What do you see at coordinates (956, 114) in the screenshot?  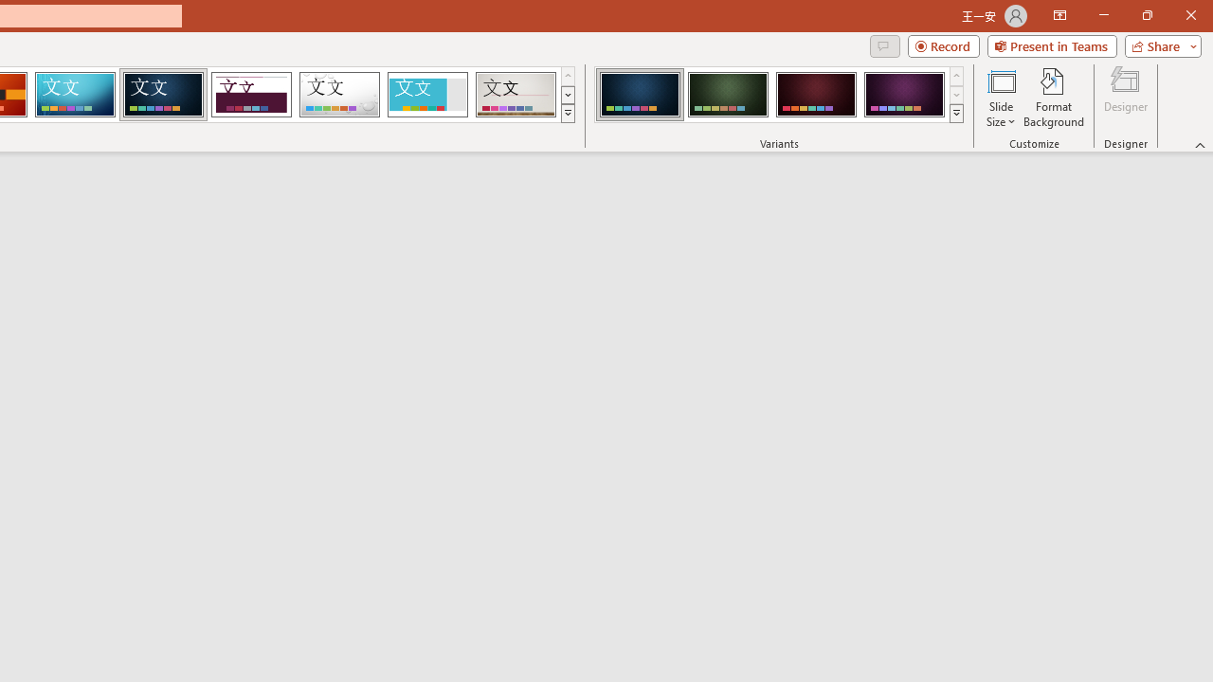 I see `'Variants'` at bounding box center [956, 114].